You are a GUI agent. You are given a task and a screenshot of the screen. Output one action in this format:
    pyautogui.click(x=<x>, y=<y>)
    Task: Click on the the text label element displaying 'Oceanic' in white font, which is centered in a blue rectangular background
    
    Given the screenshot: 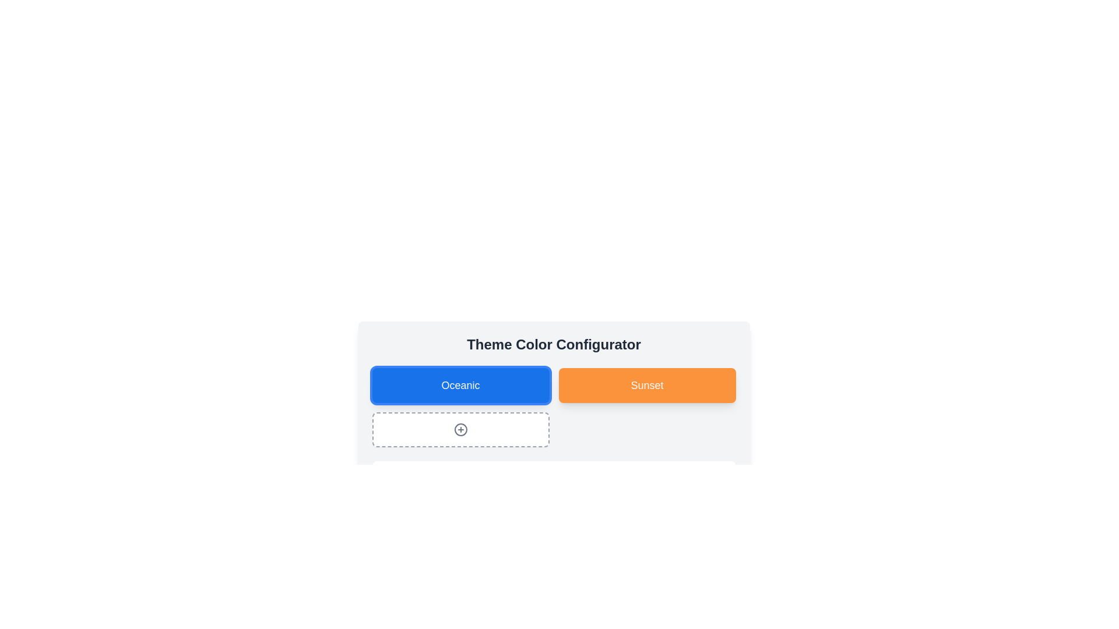 What is the action you would take?
    pyautogui.click(x=460, y=386)
    